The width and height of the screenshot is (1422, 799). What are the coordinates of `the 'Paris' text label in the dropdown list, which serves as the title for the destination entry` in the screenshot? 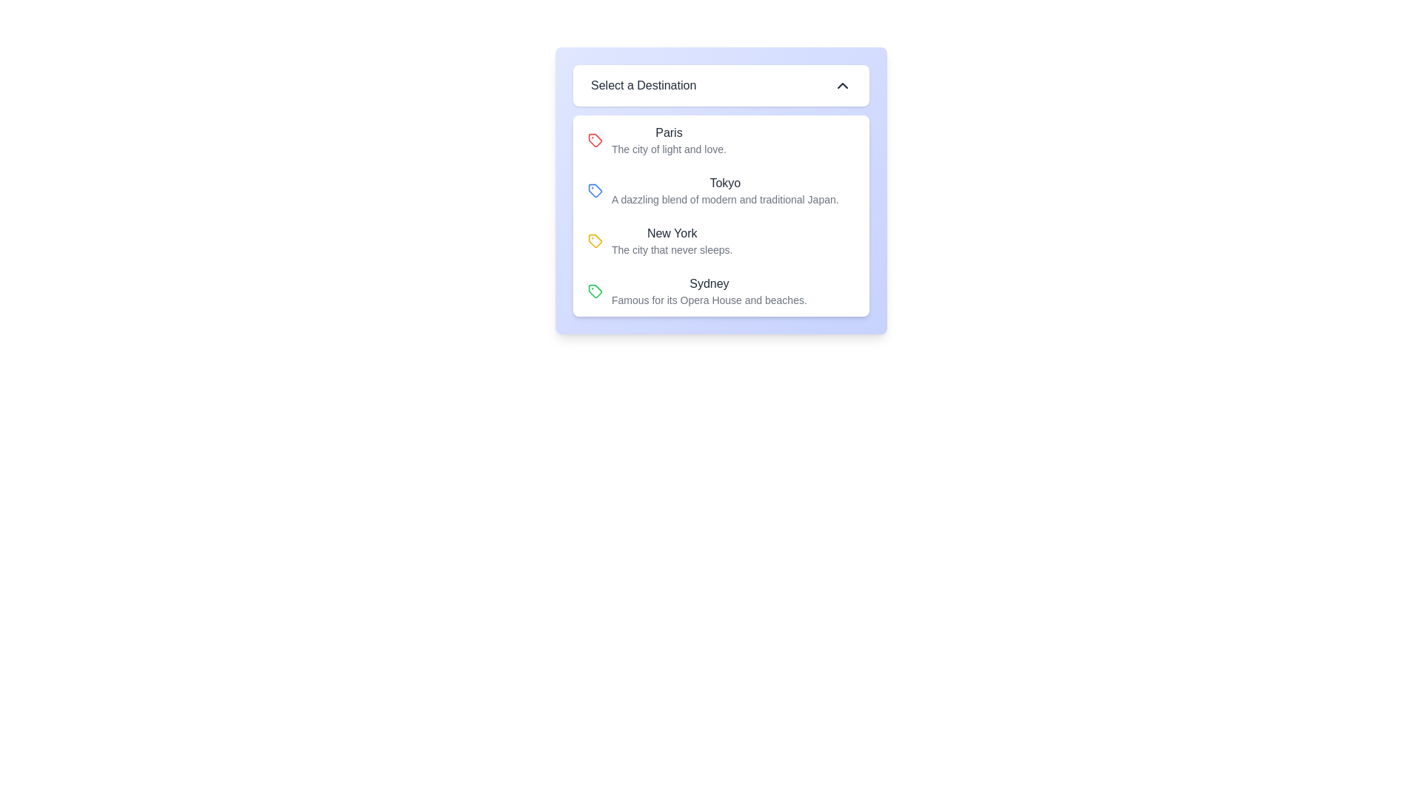 It's located at (668, 133).